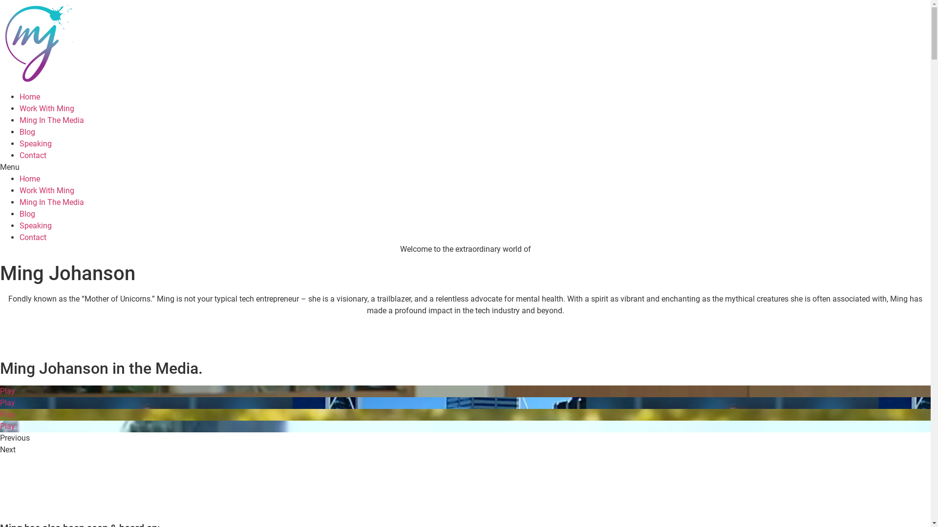  What do you see at coordinates (33, 237) in the screenshot?
I see `'Contact'` at bounding box center [33, 237].